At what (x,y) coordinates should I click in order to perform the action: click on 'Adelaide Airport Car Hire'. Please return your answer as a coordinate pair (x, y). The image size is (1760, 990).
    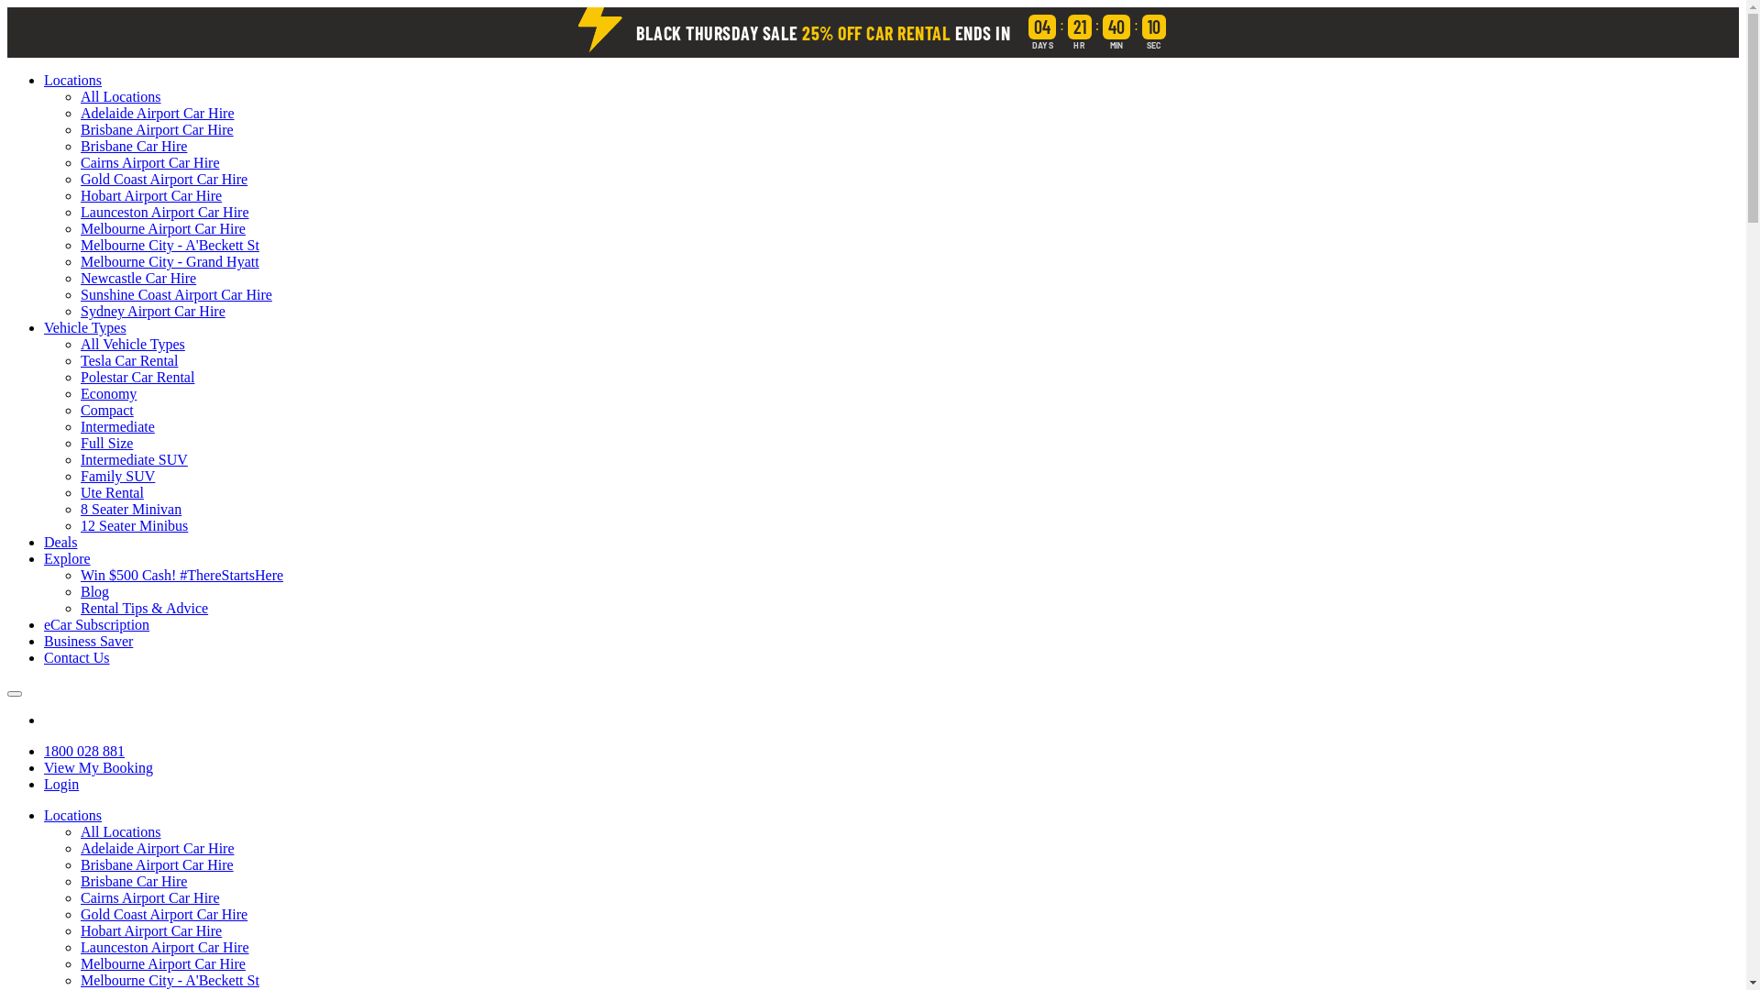
    Looking at the image, I should click on (158, 113).